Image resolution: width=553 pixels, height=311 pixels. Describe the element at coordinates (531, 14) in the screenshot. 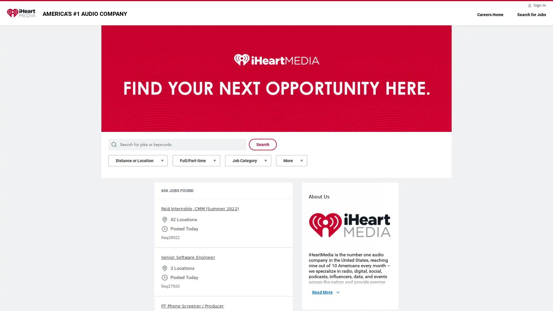

I see `Search for Jobs` at that location.